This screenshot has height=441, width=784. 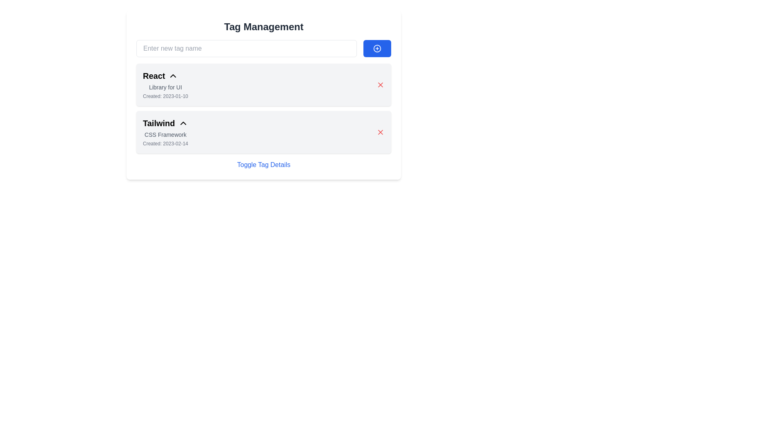 I want to click on the close or delete button, which is a small, cross-shaped icon with an 'X' symbol located in the top right corner of the first content card labeled 'React', so click(x=380, y=85).